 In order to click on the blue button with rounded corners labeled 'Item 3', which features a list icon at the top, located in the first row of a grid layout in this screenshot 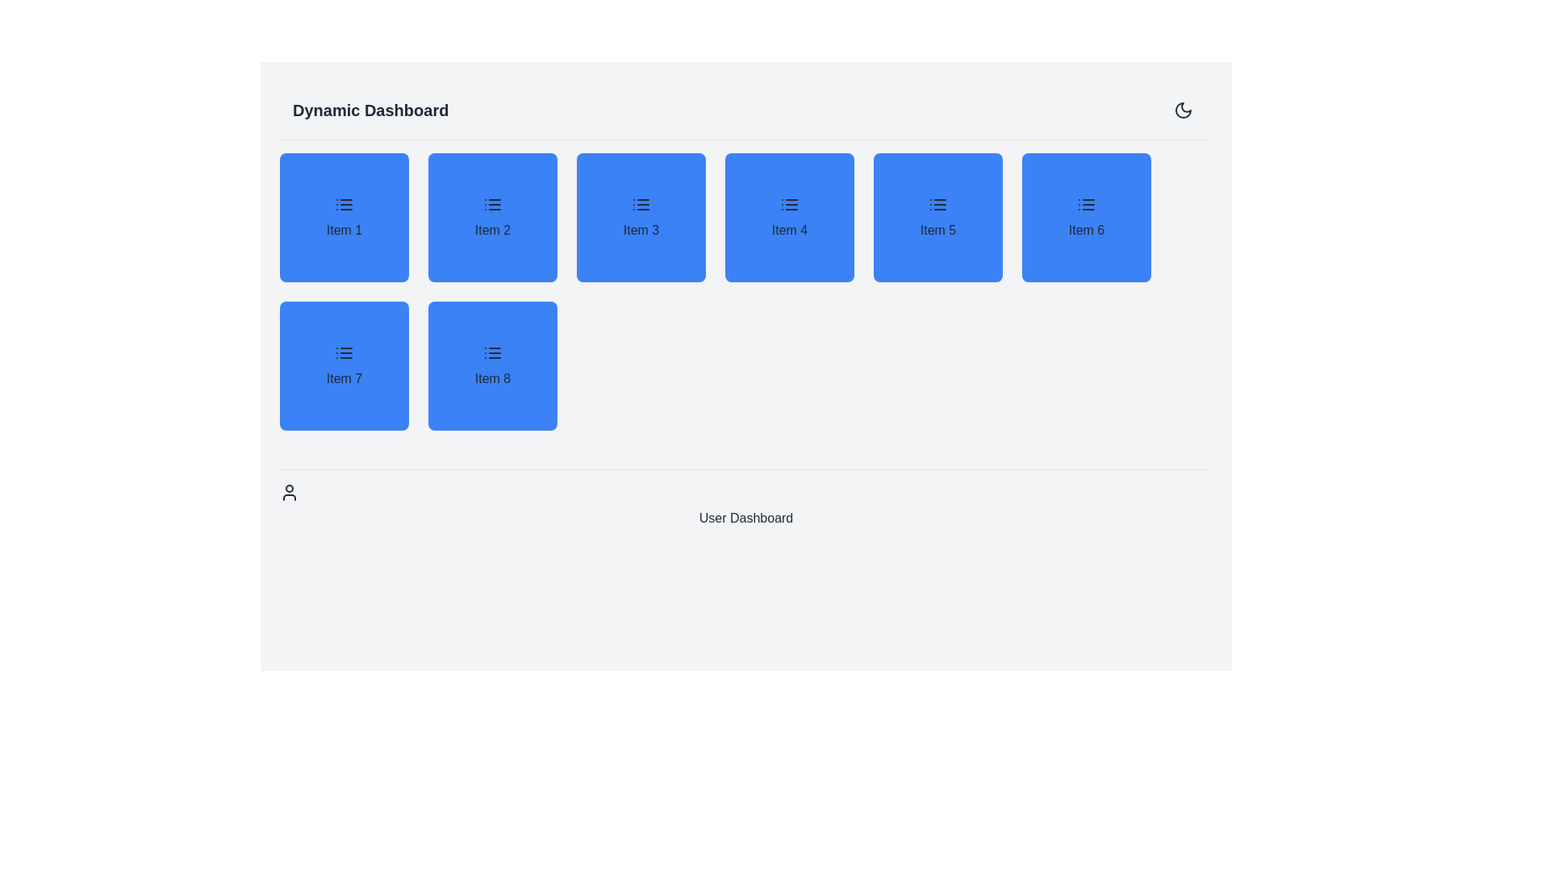, I will do `click(641, 218)`.